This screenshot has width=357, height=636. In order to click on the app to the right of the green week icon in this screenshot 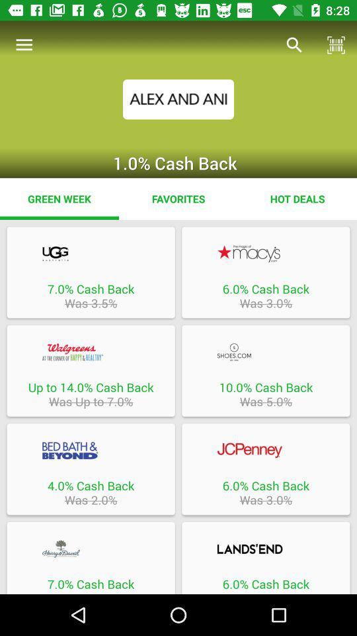, I will do `click(178, 198)`.